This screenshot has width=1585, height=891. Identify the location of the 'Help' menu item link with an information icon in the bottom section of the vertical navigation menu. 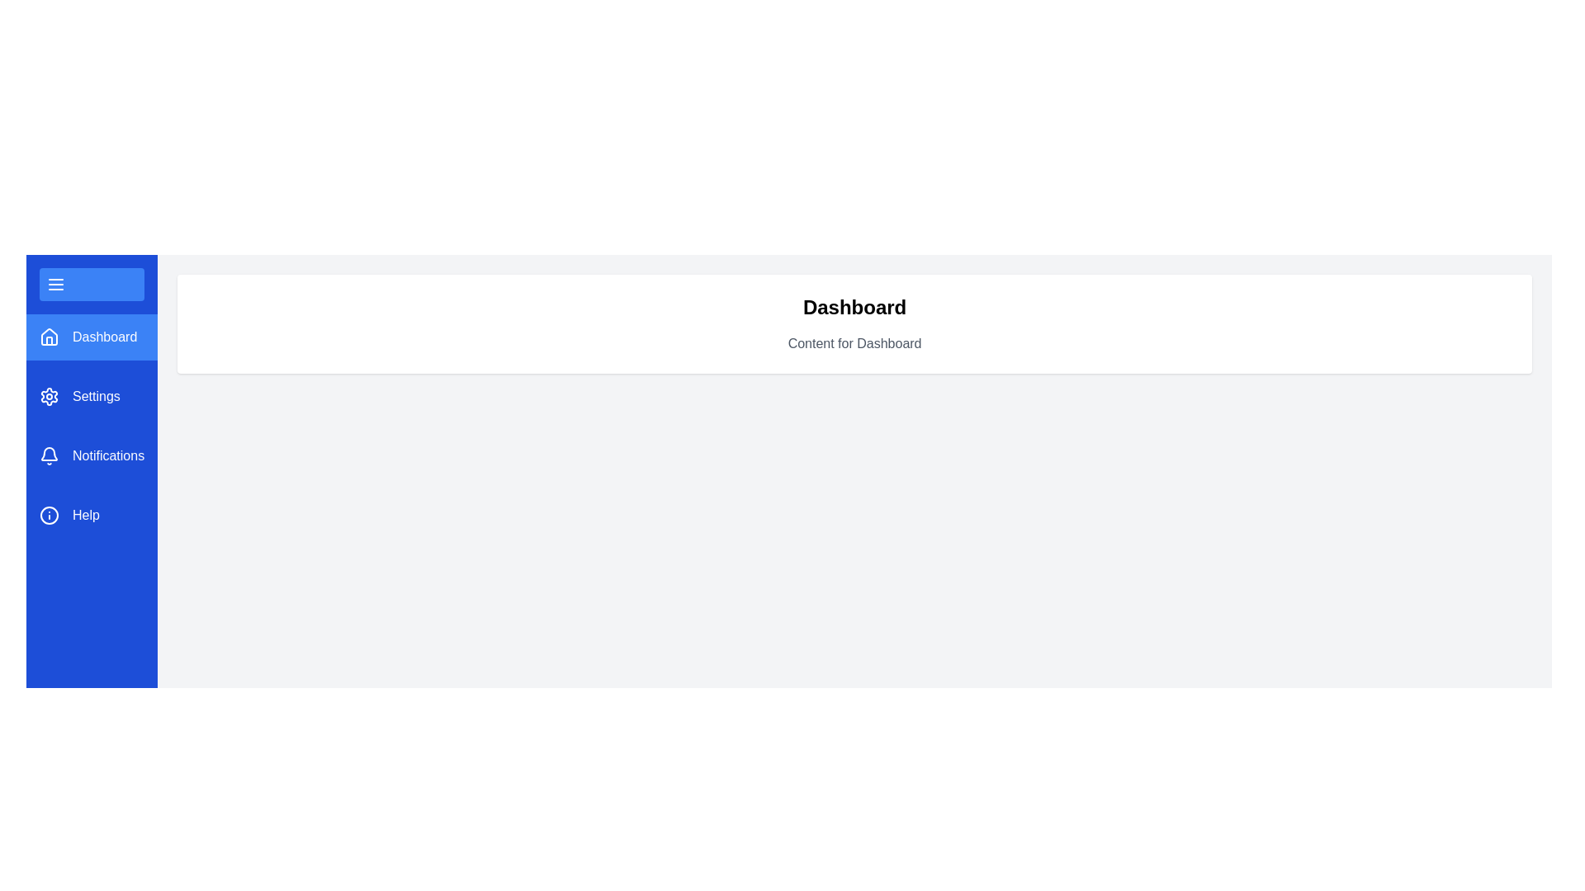
(91, 514).